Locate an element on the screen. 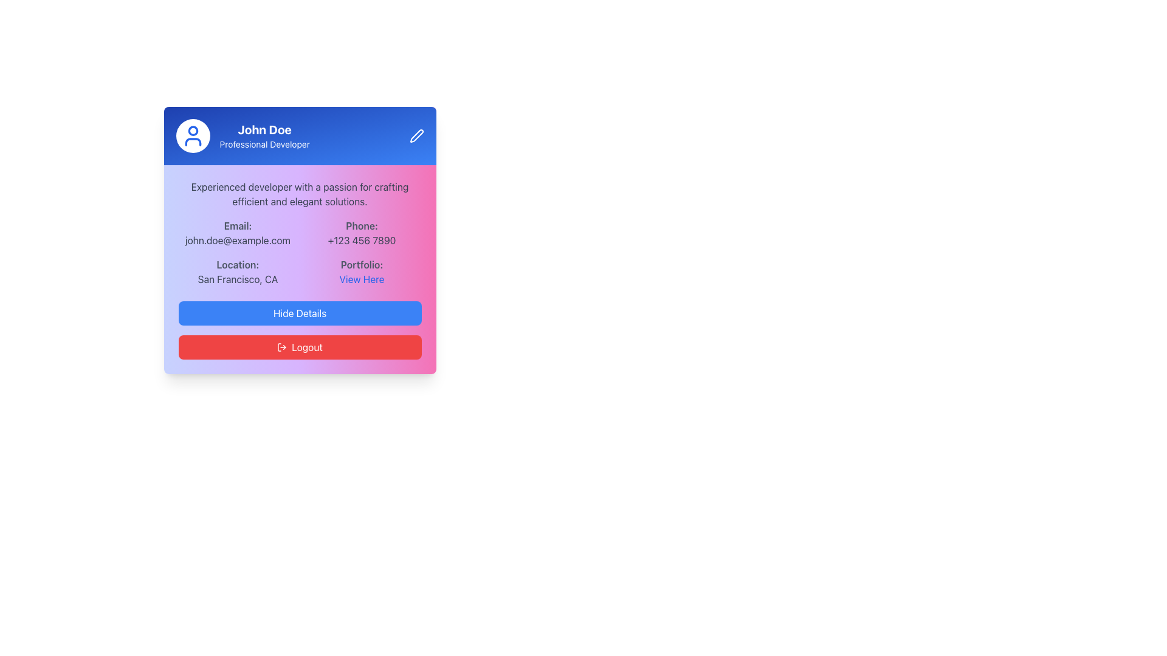 This screenshot has height=656, width=1167. the Text label element displaying 'Phone:' in bold gray font, located in the right column of a two-column layout for contact information is located at coordinates (361, 225).